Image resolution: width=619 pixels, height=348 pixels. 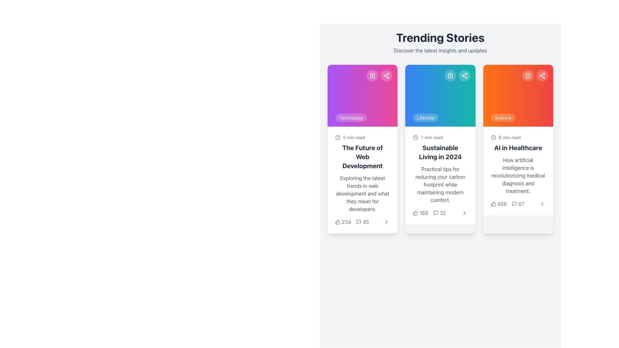 What do you see at coordinates (440, 185) in the screenshot?
I see `multiline text block styled in gray that presents the text 'Practical tips for reducing your carbon footprint while maintaining modern comfort.' located in the center card of a three-card row layout, positioned below the heading 'Sustainable Living in 2024'` at bounding box center [440, 185].